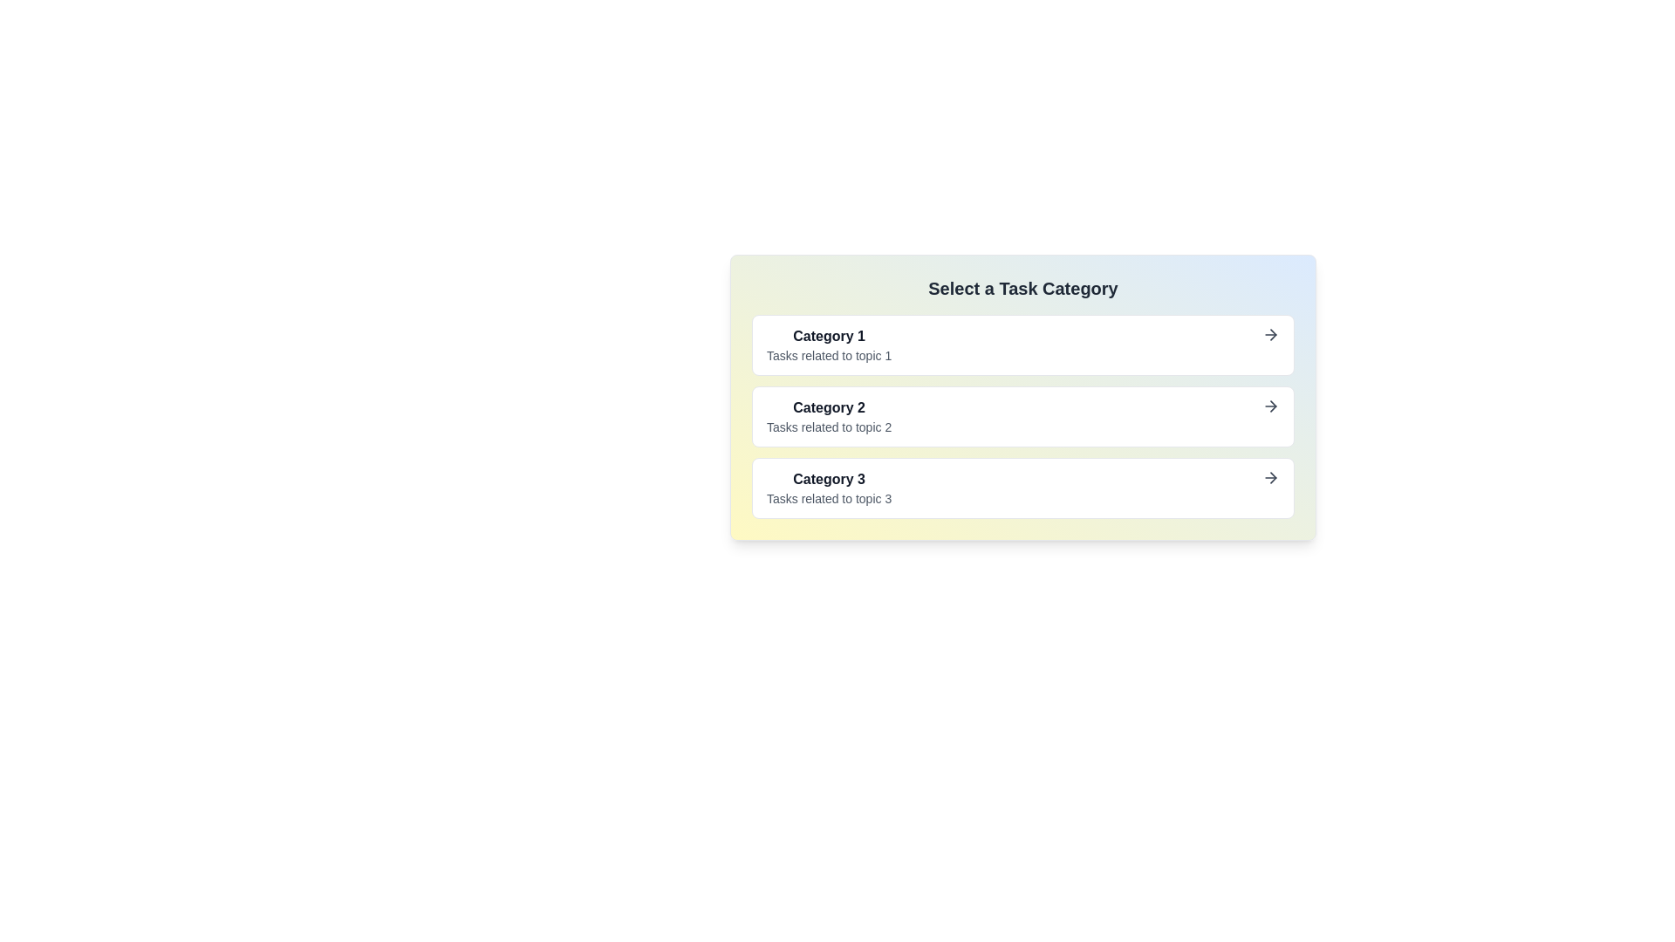 Image resolution: width=1675 pixels, height=942 pixels. Describe the element at coordinates (828, 427) in the screenshot. I see `the static text label that provides a description for 'Category 2', located centrally beneath the title 'Category 2'` at that location.